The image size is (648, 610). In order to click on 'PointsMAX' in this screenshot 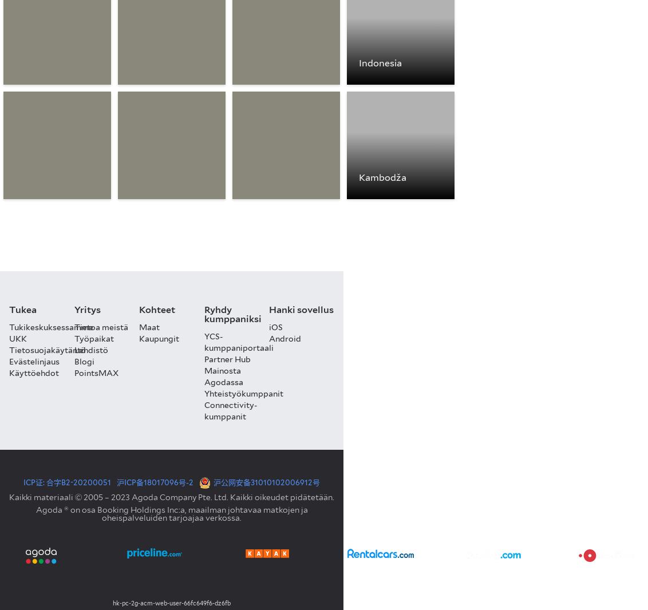, I will do `click(96, 372)`.